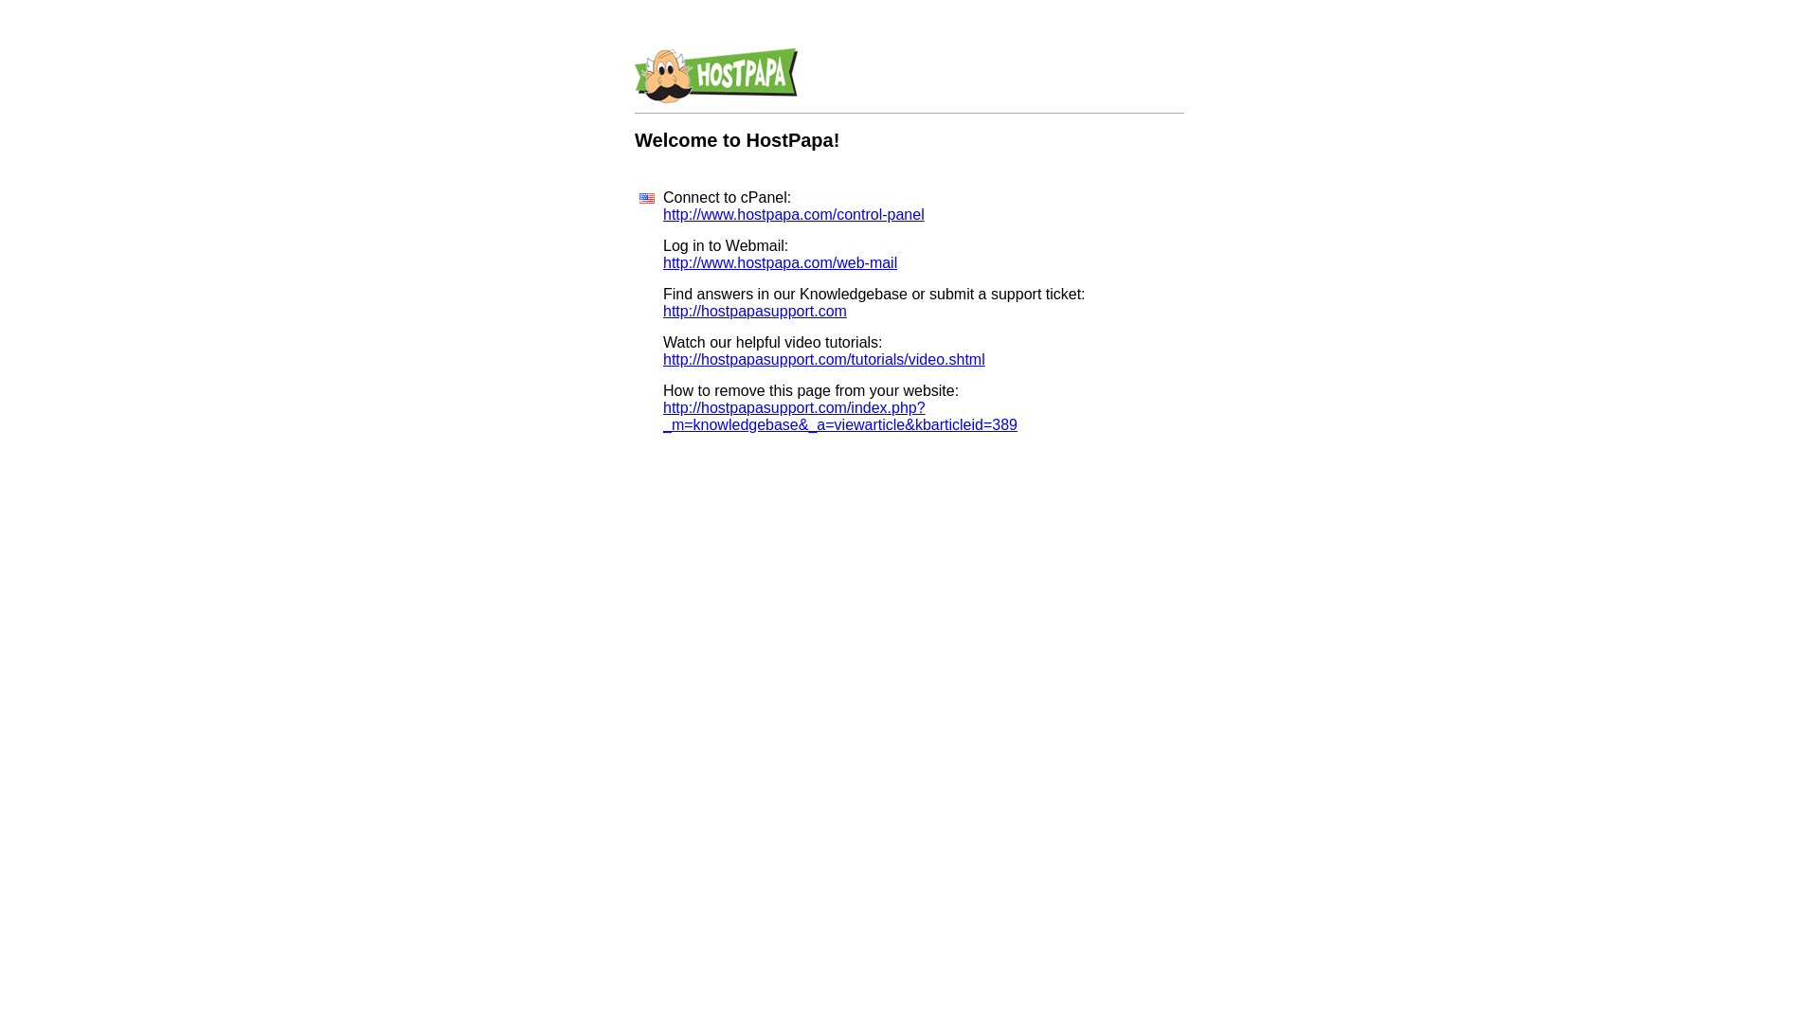  I want to click on 'http://hostpapasupport.com', so click(663, 310).